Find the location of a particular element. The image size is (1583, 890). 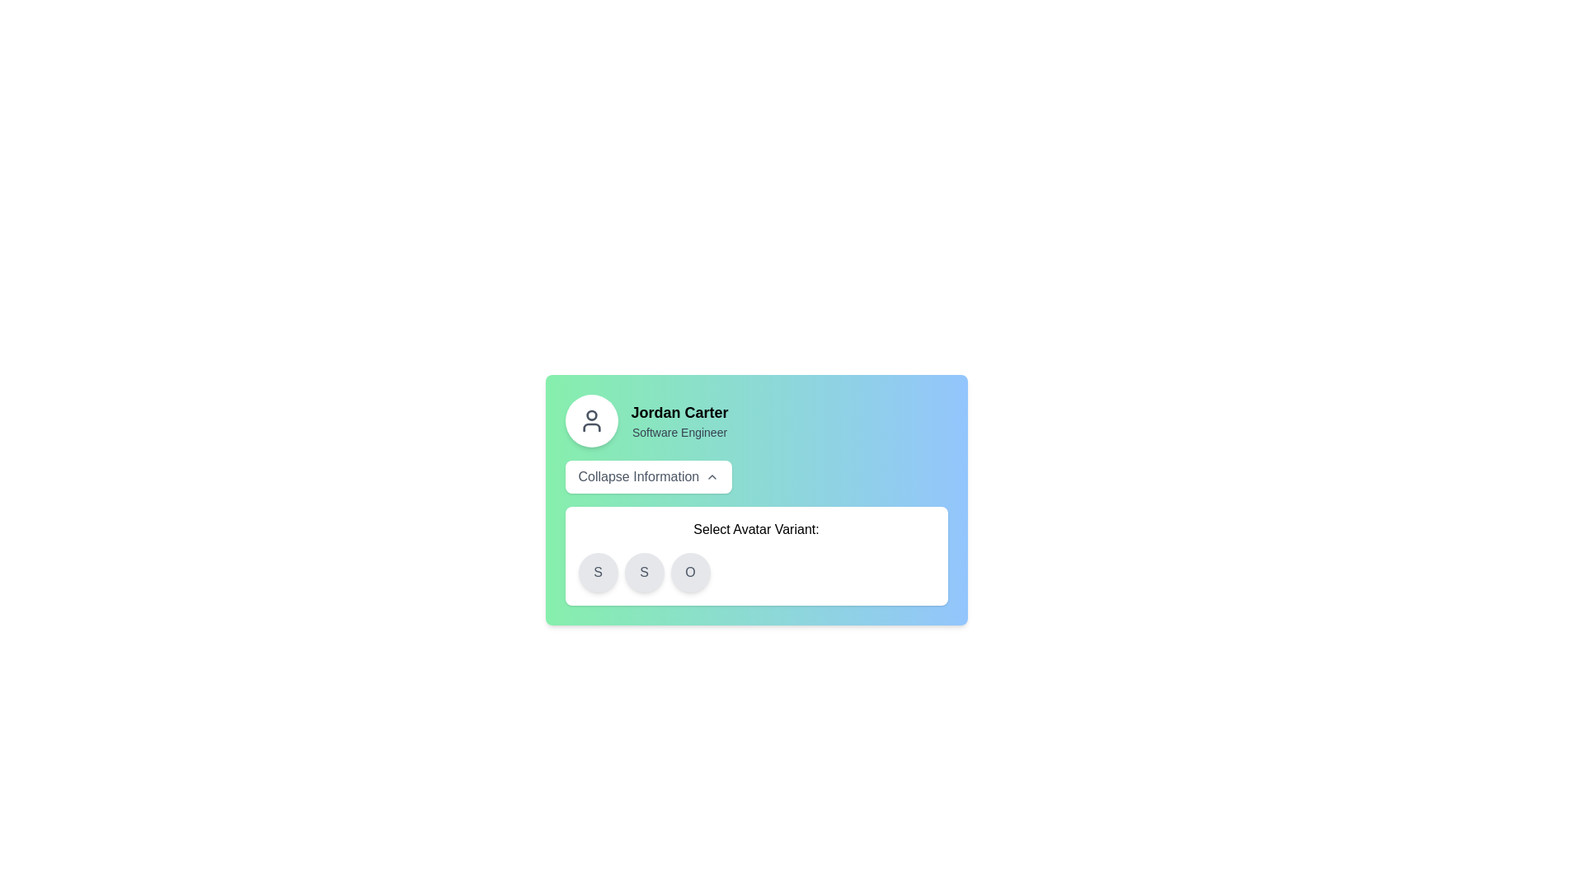

the text label that provides the name and job title of a person, located to the right of the circular avatar icon in the user profile or contact card is located at coordinates (679, 419).